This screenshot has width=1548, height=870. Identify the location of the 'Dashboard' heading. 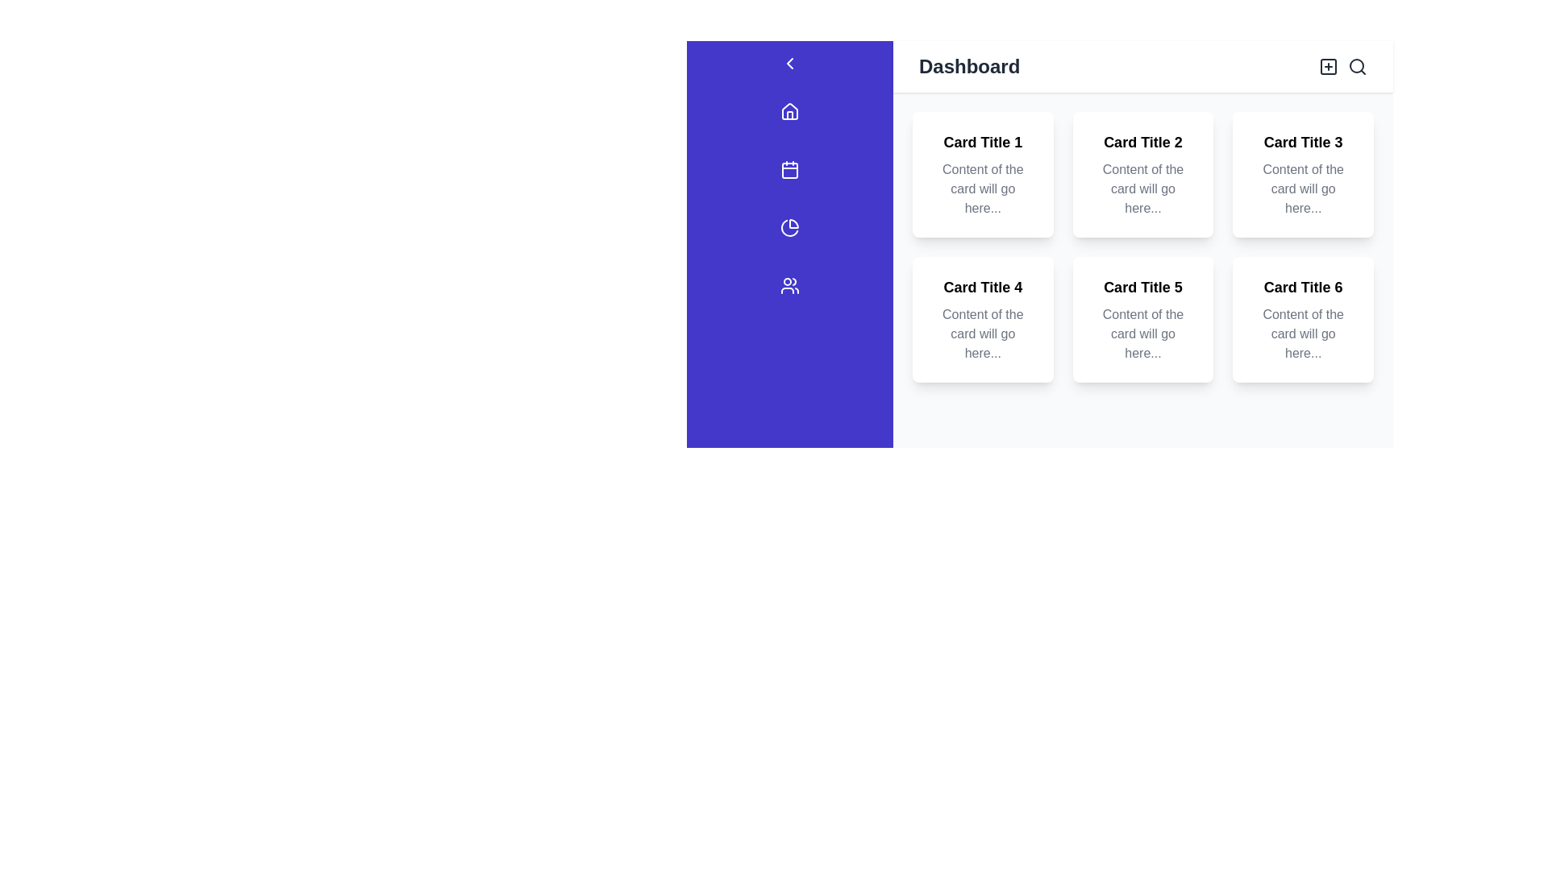
(968, 66).